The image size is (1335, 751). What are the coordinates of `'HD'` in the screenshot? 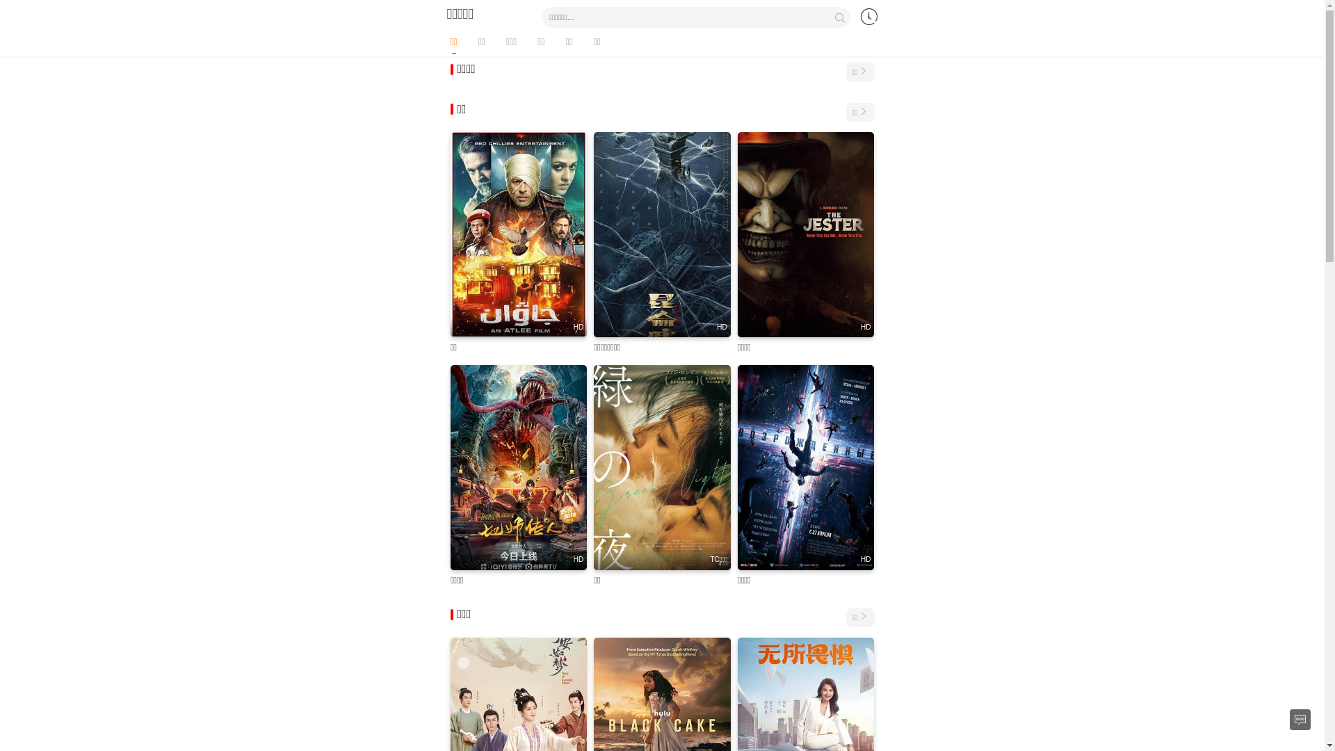 It's located at (736, 467).